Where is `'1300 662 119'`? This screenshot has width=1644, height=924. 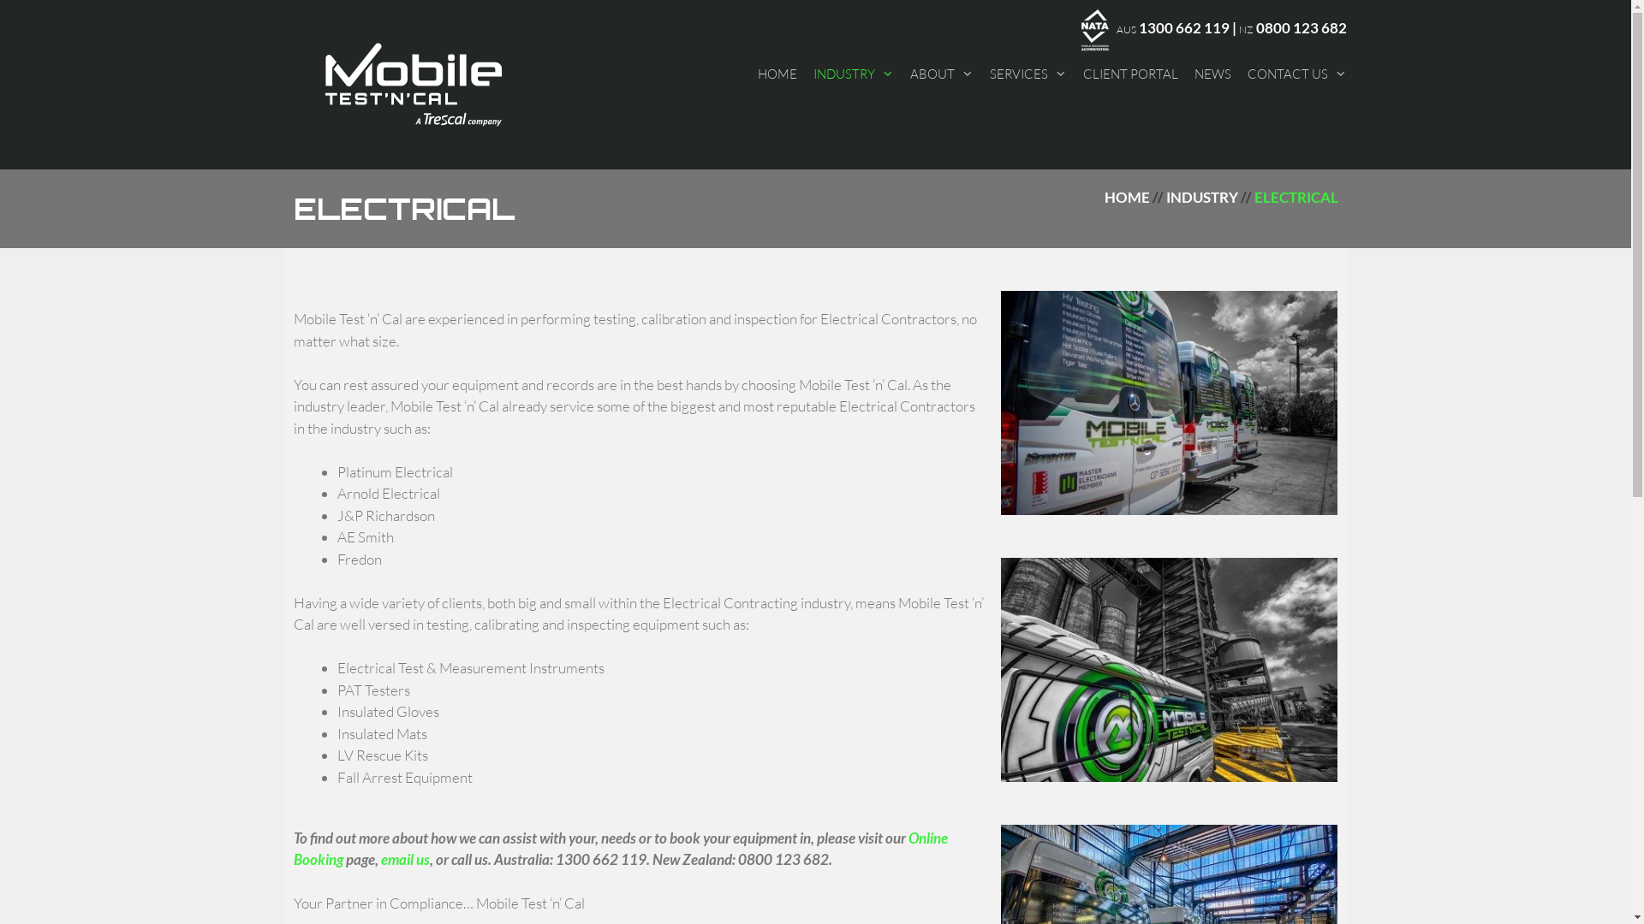
'1300 662 119' is located at coordinates (1182, 27).